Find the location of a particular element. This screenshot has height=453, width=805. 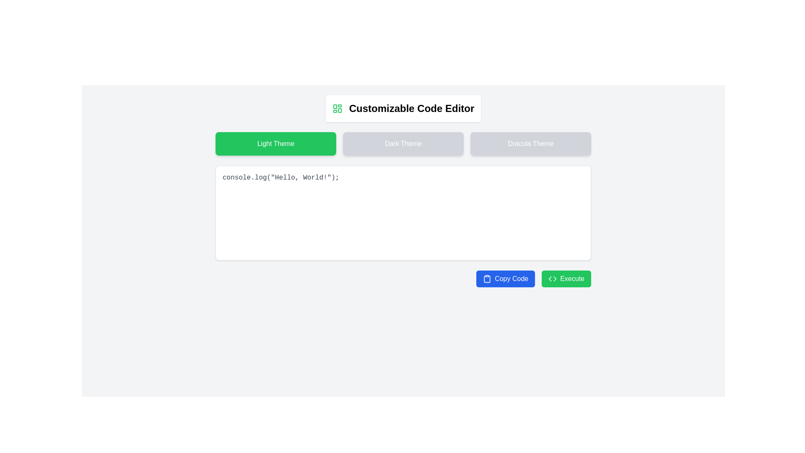

the 'Dark Theme' button, which is a rectangular button with a gray background that transitions to green on hover, featuring white text and rounded corners is located at coordinates (403, 143).